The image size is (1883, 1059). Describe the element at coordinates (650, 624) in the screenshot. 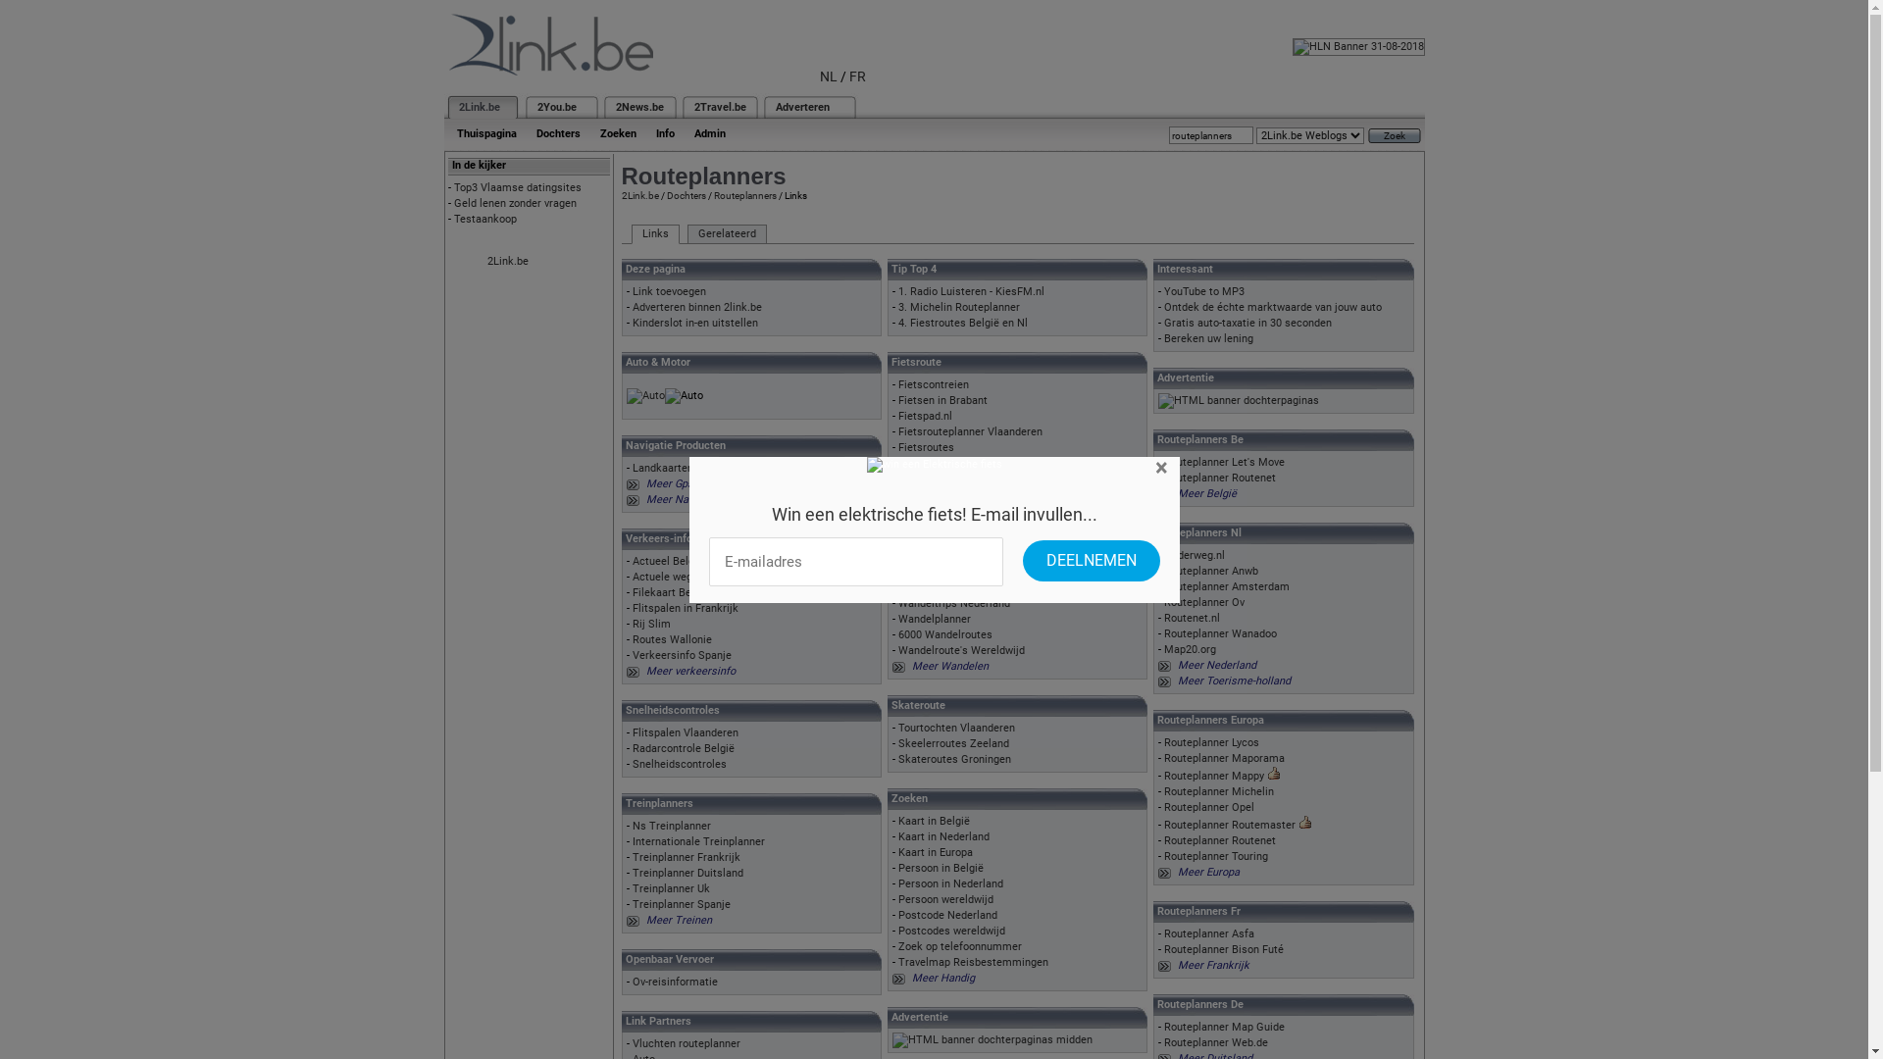

I see `'Rij Slim'` at that location.